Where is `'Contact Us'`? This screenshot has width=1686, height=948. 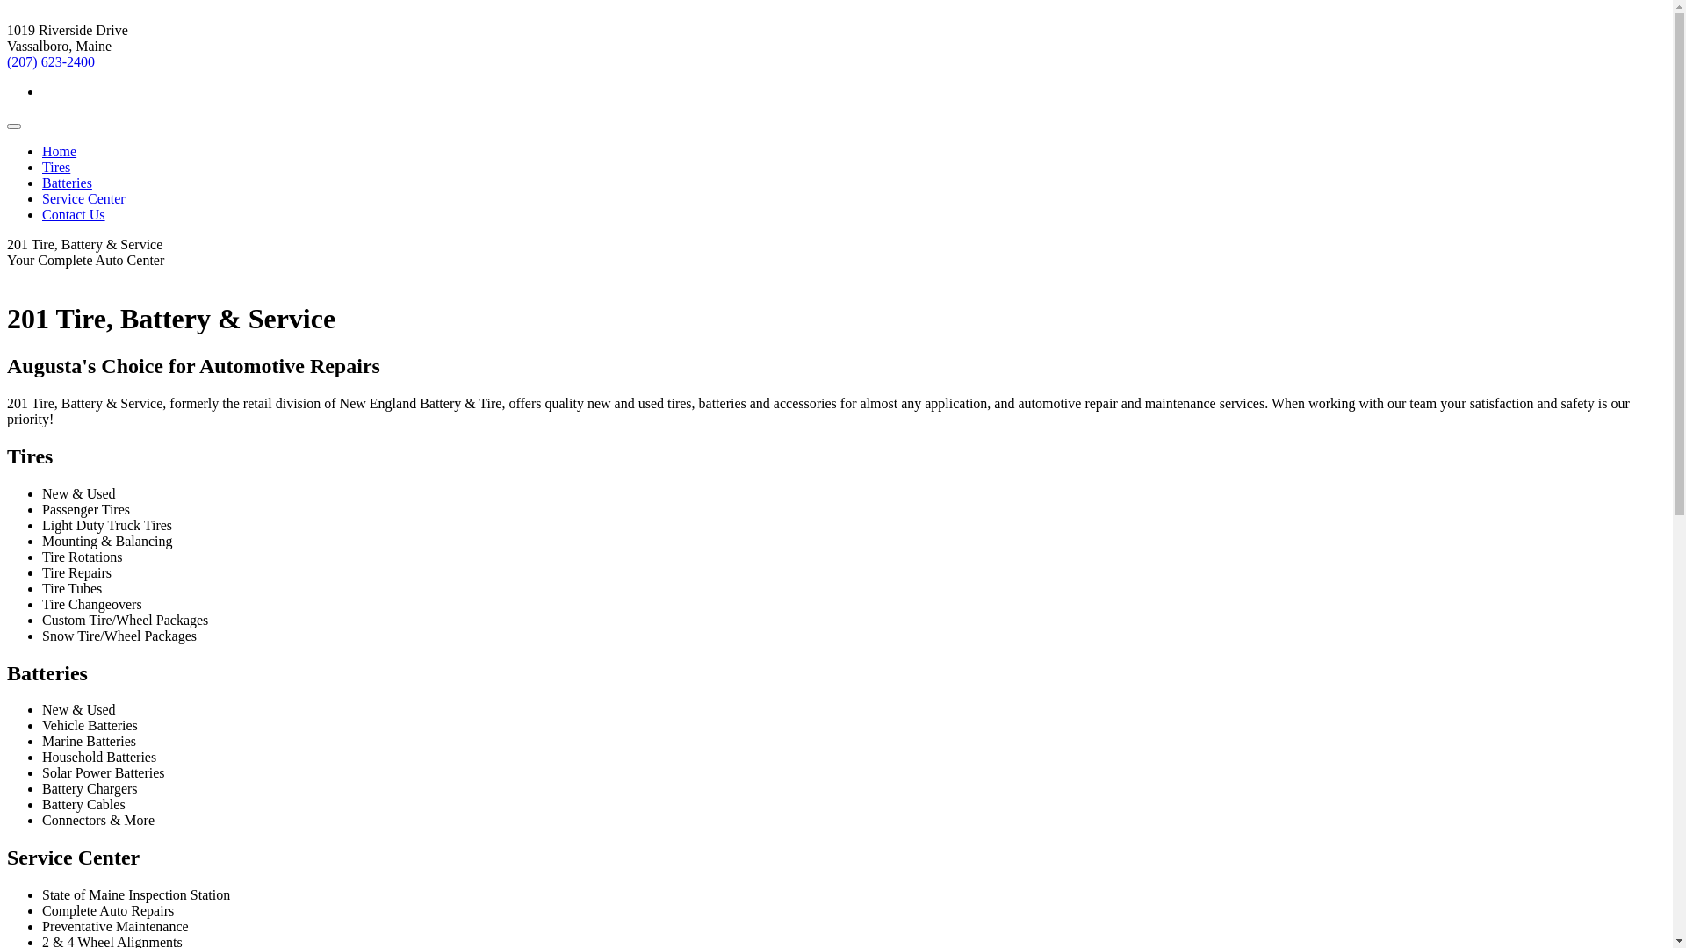
'Contact Us' is located at coordinates (42, 213).